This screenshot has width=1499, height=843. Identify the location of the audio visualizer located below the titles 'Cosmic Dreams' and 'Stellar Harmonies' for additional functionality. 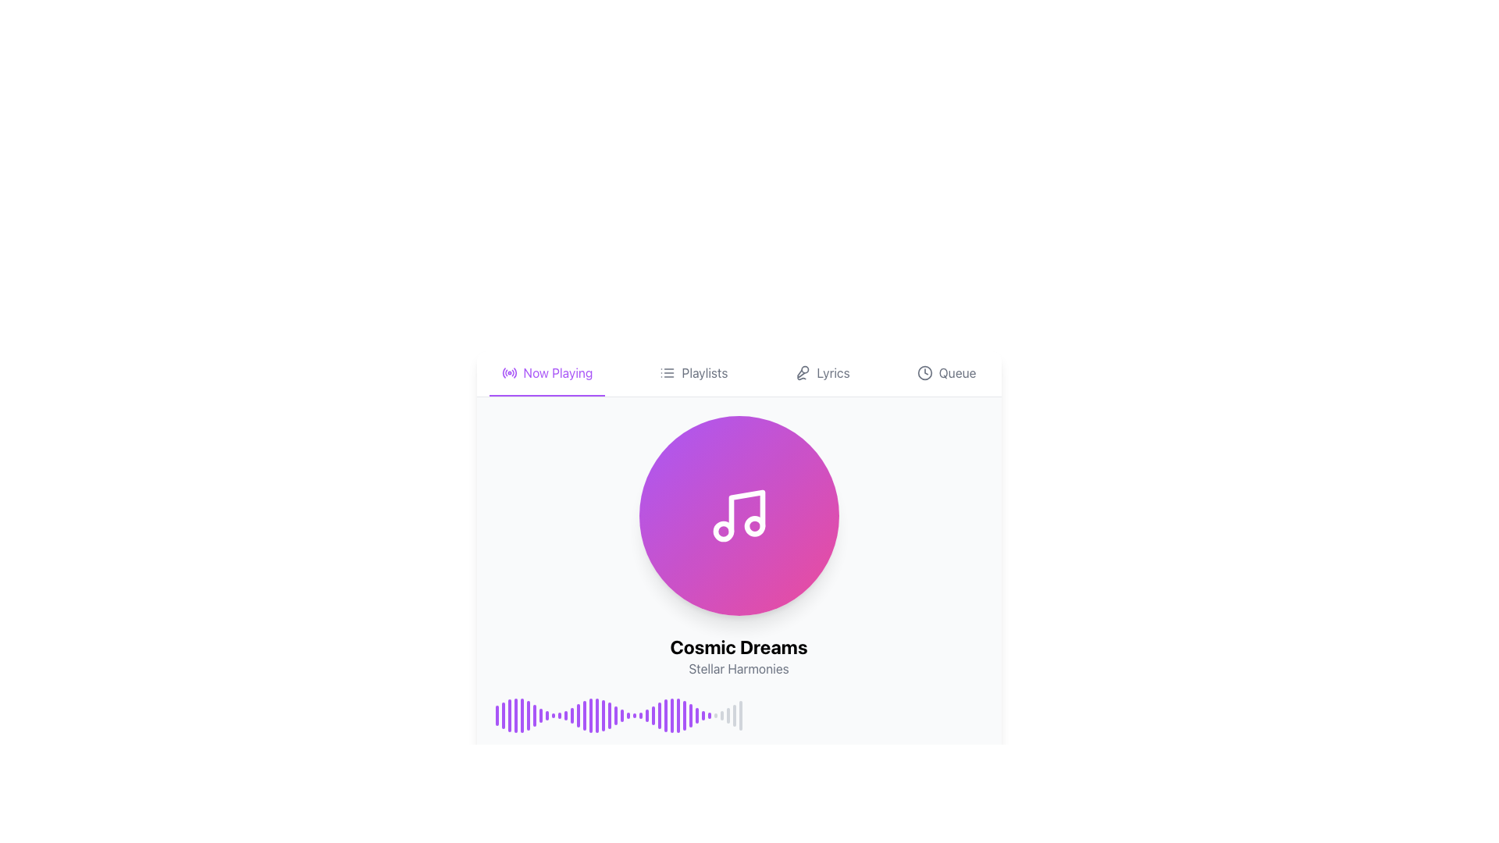
(738, 716).